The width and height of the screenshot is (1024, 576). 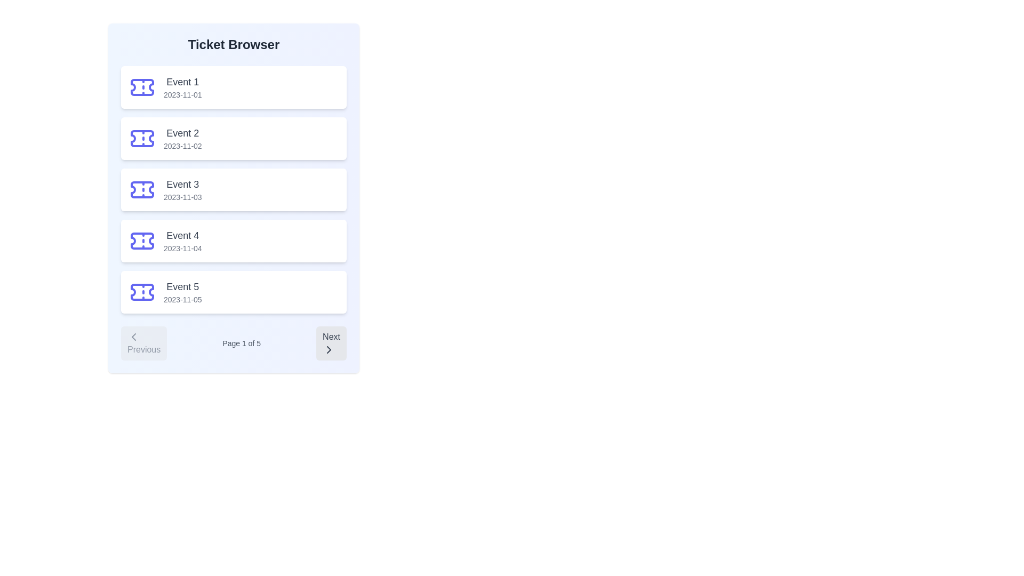 I want to click on the ticket icon located in the fifth event block, positioned to the left of the text 'Event 5' and '2023-11-05', so click(x=142, y=292).